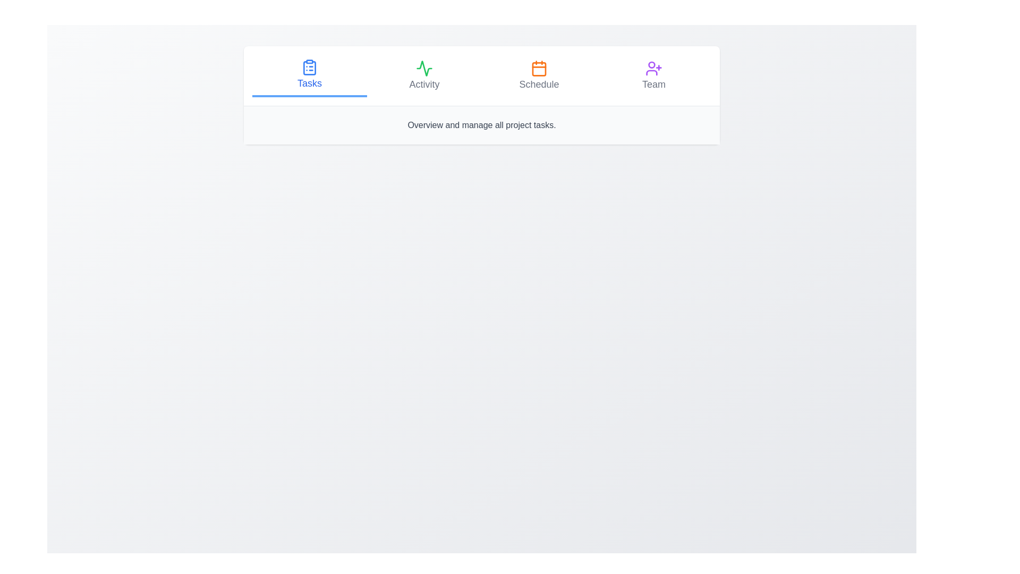 The height and width of the screenshot is (574, 1020). What do you see at coordinates (539, 75) in the screenshot?
I see `the Schedule tab` at bounding box center [539, 75].